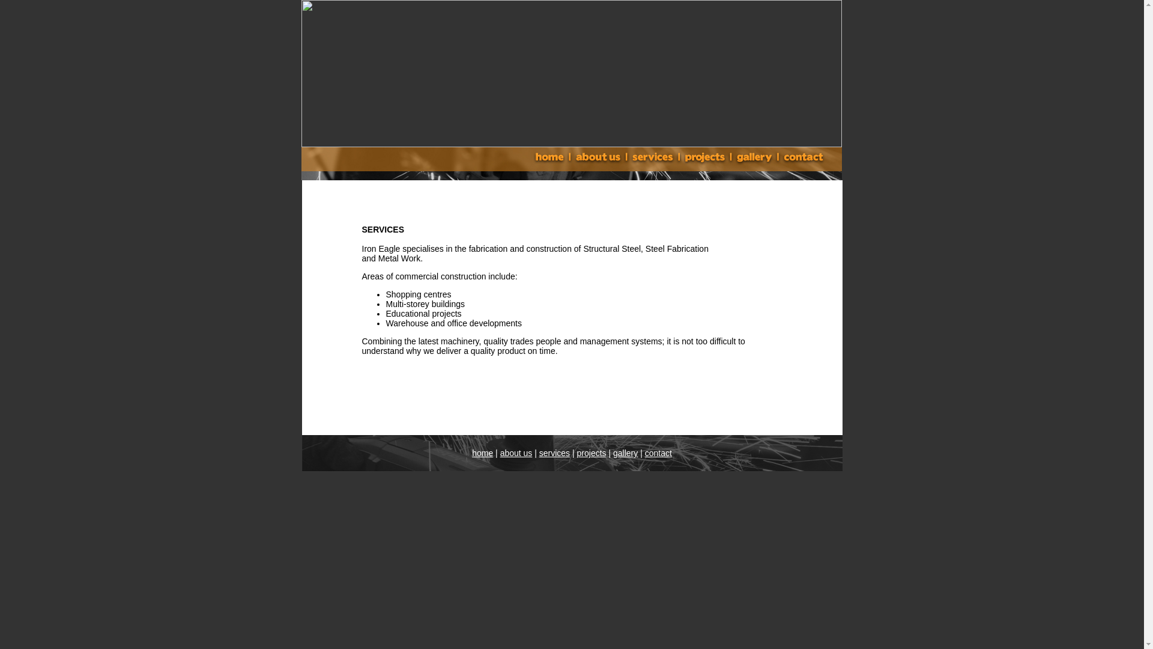  I want to click on 'home', so click(482, 452).